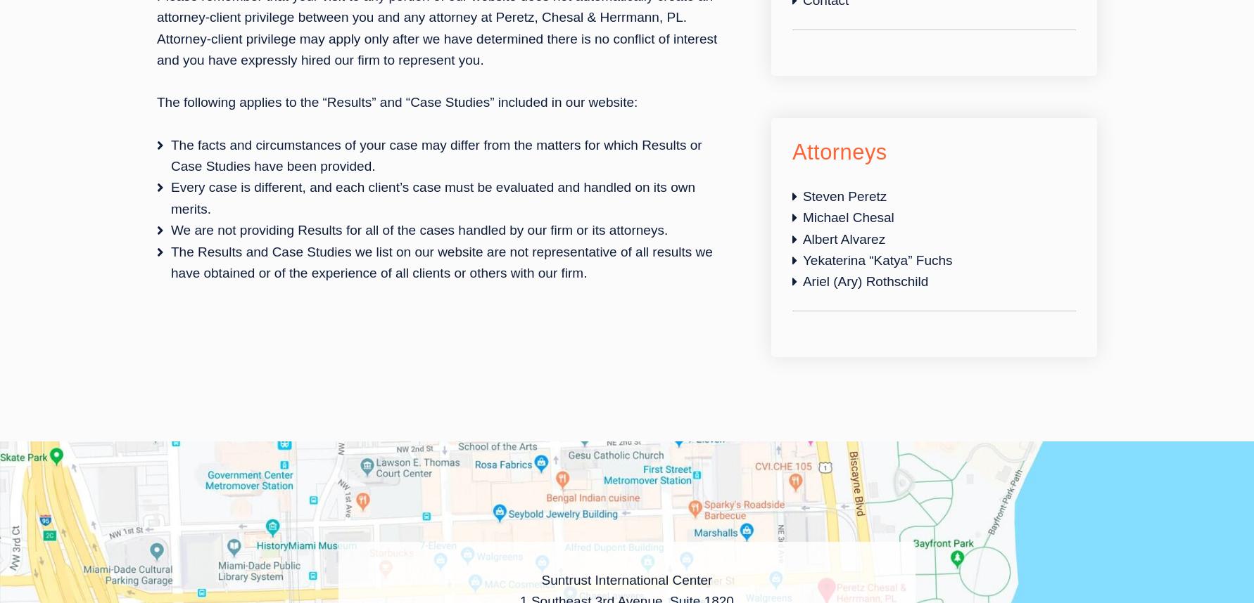 The height and width of the screenshot is (603, 1254). I want to click on 'Attorneys', so click(791, 150).